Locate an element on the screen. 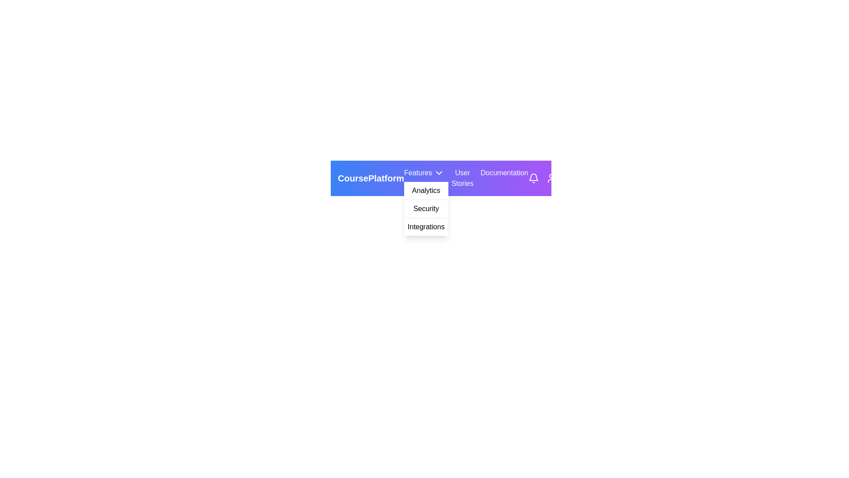 This screenshot has width=849, height=478. the 'Features' dropdown menu trigger is located at coordinates (424, 178).